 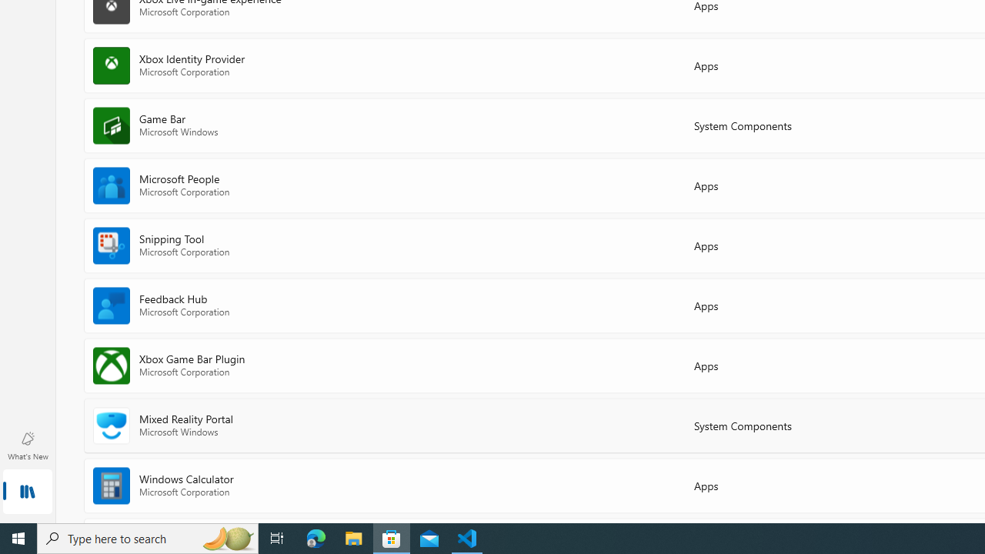 What do you see at coordinates (27, 445) in the screenshot?
I see `'What'` at bounding box center [27, 445].